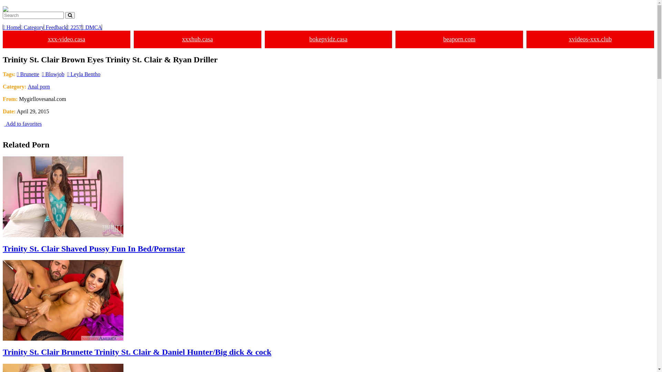 The width and height of the screenshot is (662, 372). What do you see at coordinates (459, 39) in the screenshot?
I see `'beaporn.com'` at bounding box center [459, 39].